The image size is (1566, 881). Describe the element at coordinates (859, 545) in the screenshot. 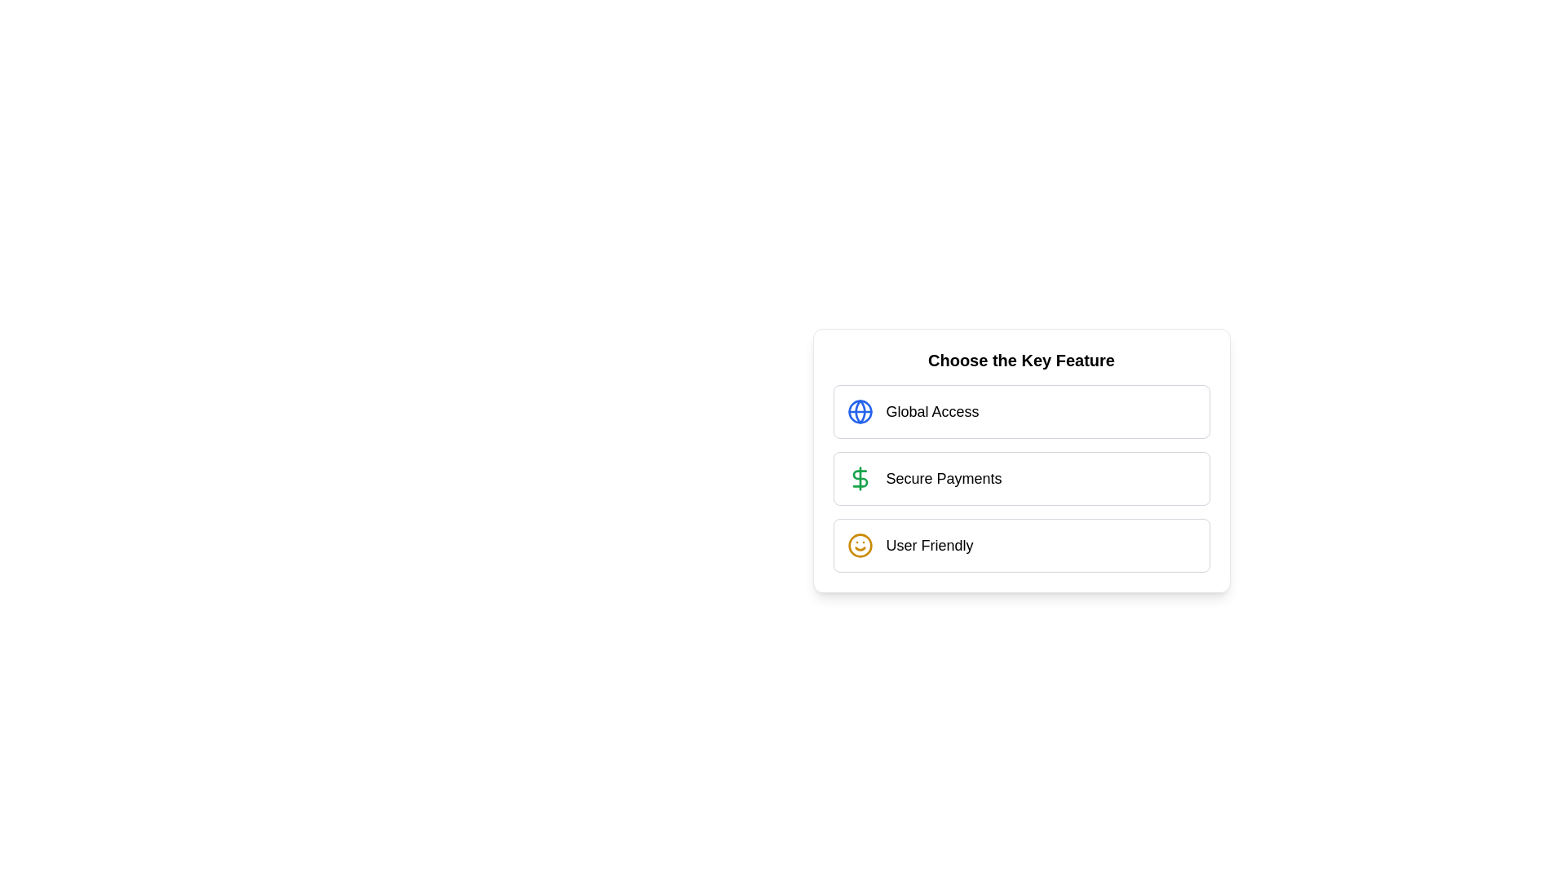

I see `the yellow circular icon, part of the smiley face icon representing the 'User Friendly' feature, which is the third option in the feature selection list` at that location.